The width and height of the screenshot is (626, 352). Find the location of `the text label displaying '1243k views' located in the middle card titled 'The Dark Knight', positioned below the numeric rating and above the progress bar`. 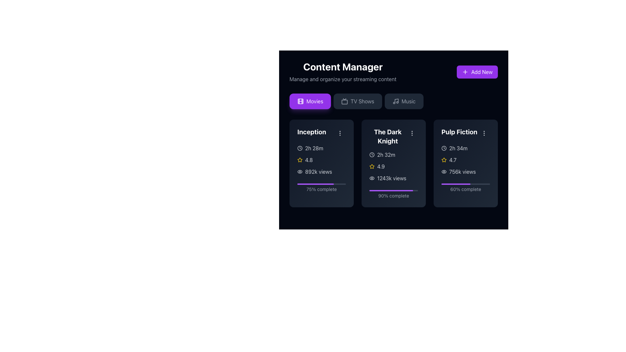

the text label displaying '1243k views' located in the middle card titled 'The Dark Knight', positioned below the numeric rating and above the progress bar is located at coordinates (391, 178).